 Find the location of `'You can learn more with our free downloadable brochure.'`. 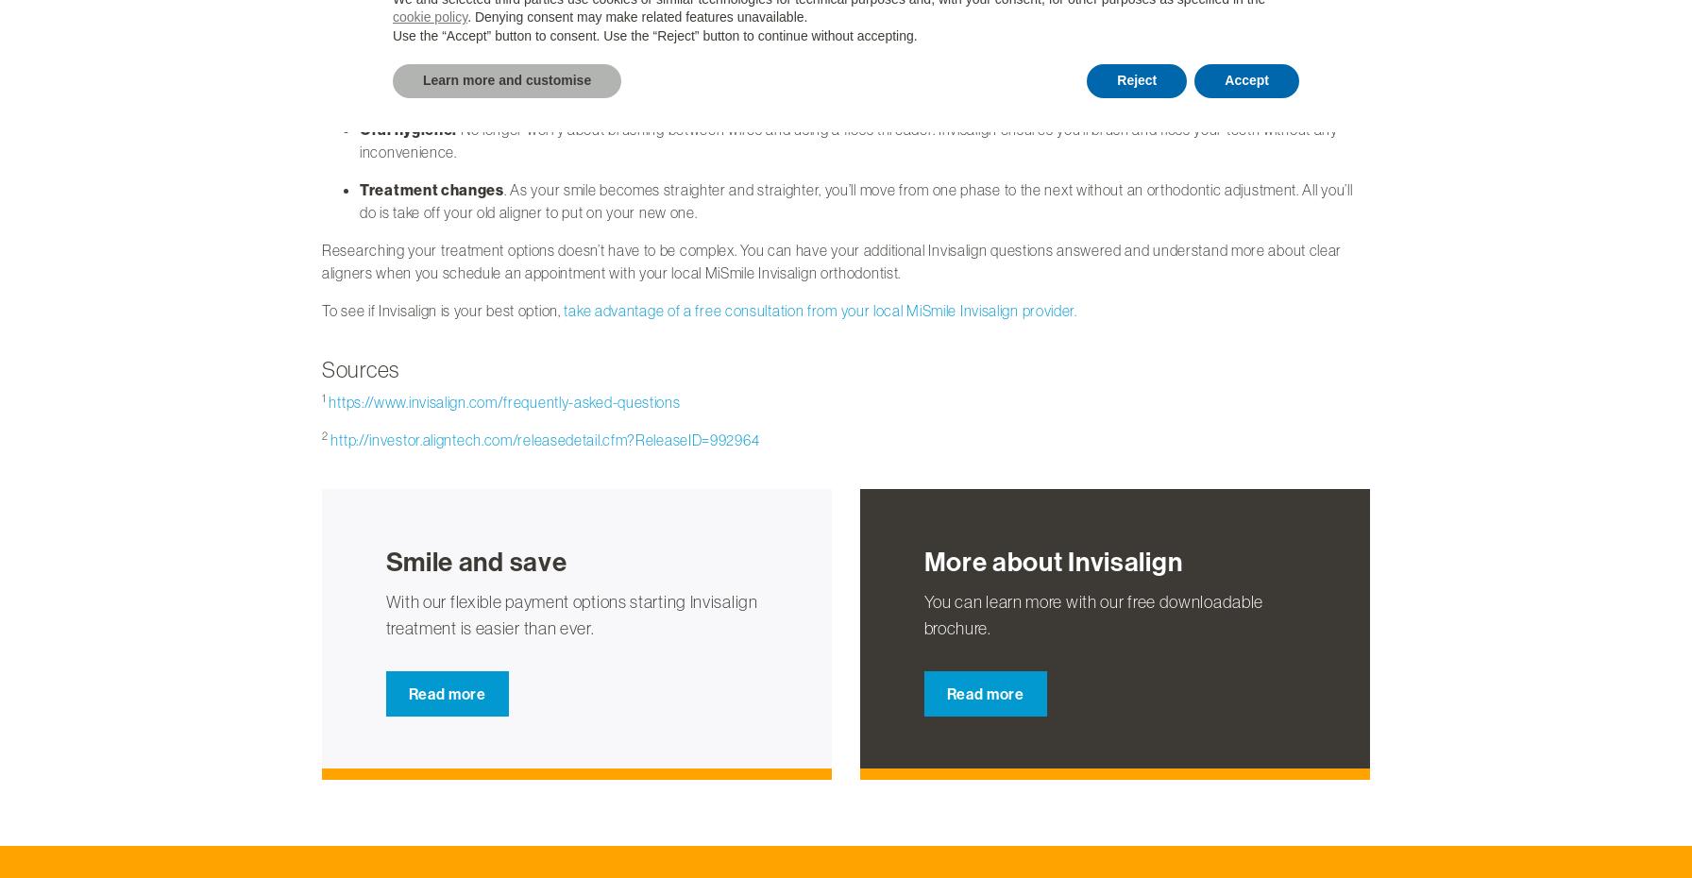

'You can learn more with our free downloadable brochure.' is located at coordinates (1092, 614).